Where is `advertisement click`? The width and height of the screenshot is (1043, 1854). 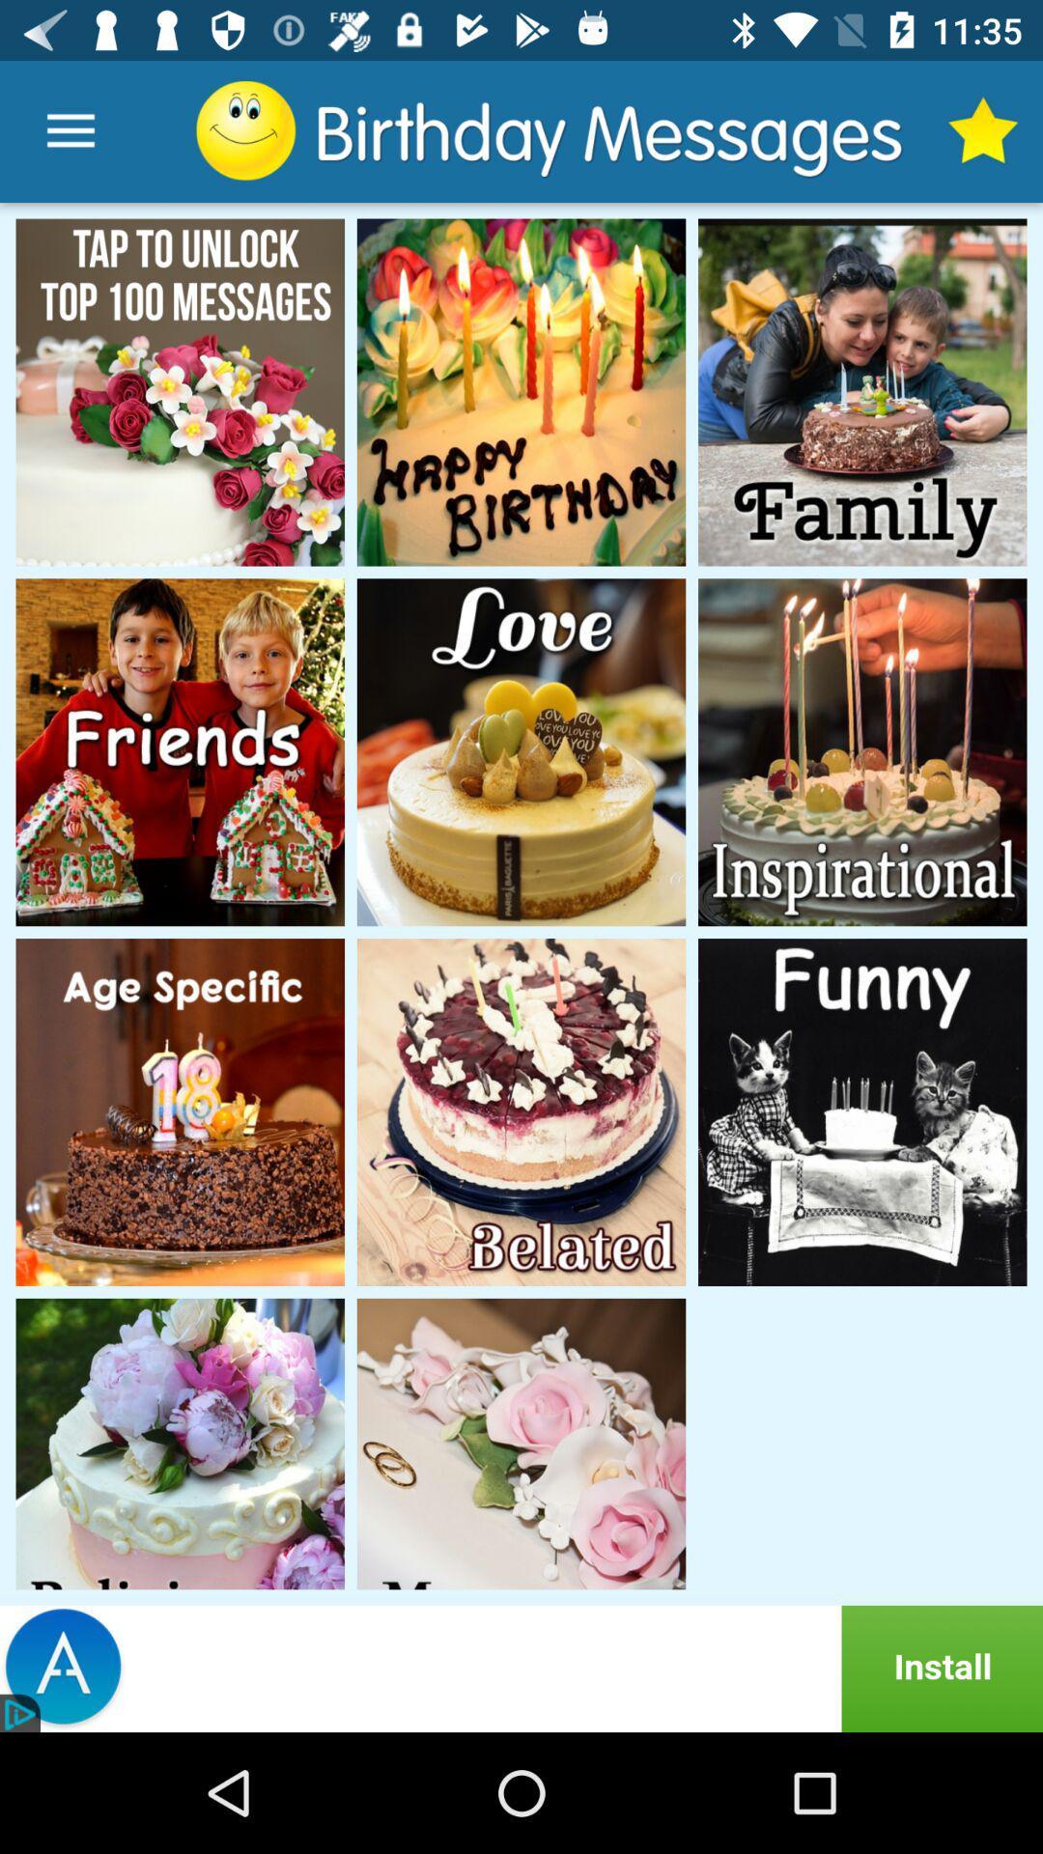
advertisement click is located at coordinates (521, 1668).